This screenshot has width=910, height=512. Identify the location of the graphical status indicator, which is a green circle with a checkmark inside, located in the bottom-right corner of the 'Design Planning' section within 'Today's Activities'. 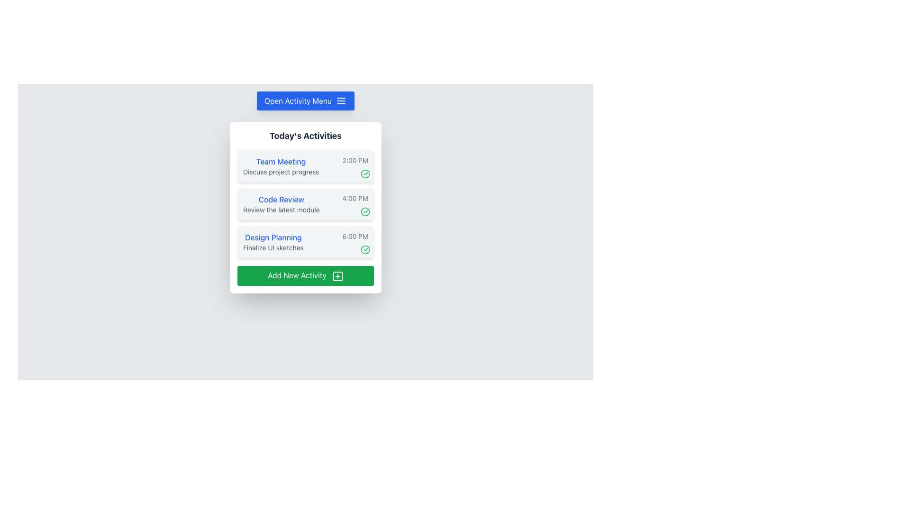
(365, 249).